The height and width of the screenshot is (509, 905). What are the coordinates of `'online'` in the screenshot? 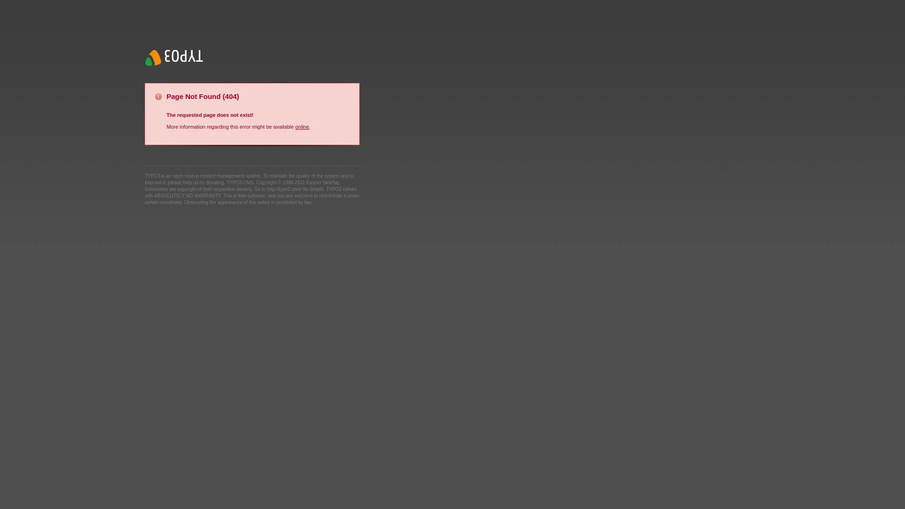 It's located at (302, 126).